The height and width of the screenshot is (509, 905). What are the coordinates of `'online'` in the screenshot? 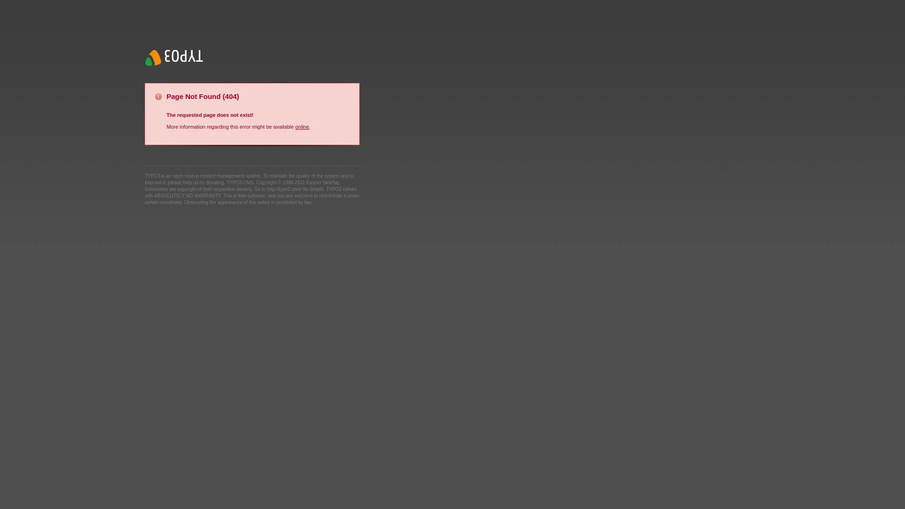 It's located at (302, 126).